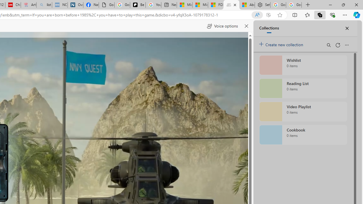 This screenshot has width=363, height=204. I want to click on 'Settings', so click(262, 5).